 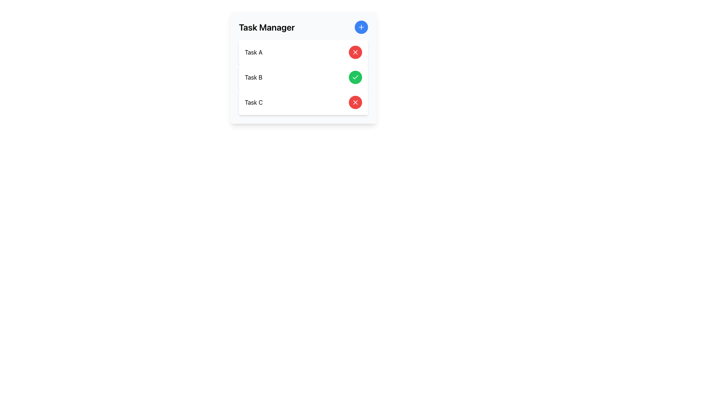 What do you see at coordinates (355, 77) in the screenshot?
I see `the button located in the 'Task B' row to mark the task as completed` at bounding box center [355, 77].